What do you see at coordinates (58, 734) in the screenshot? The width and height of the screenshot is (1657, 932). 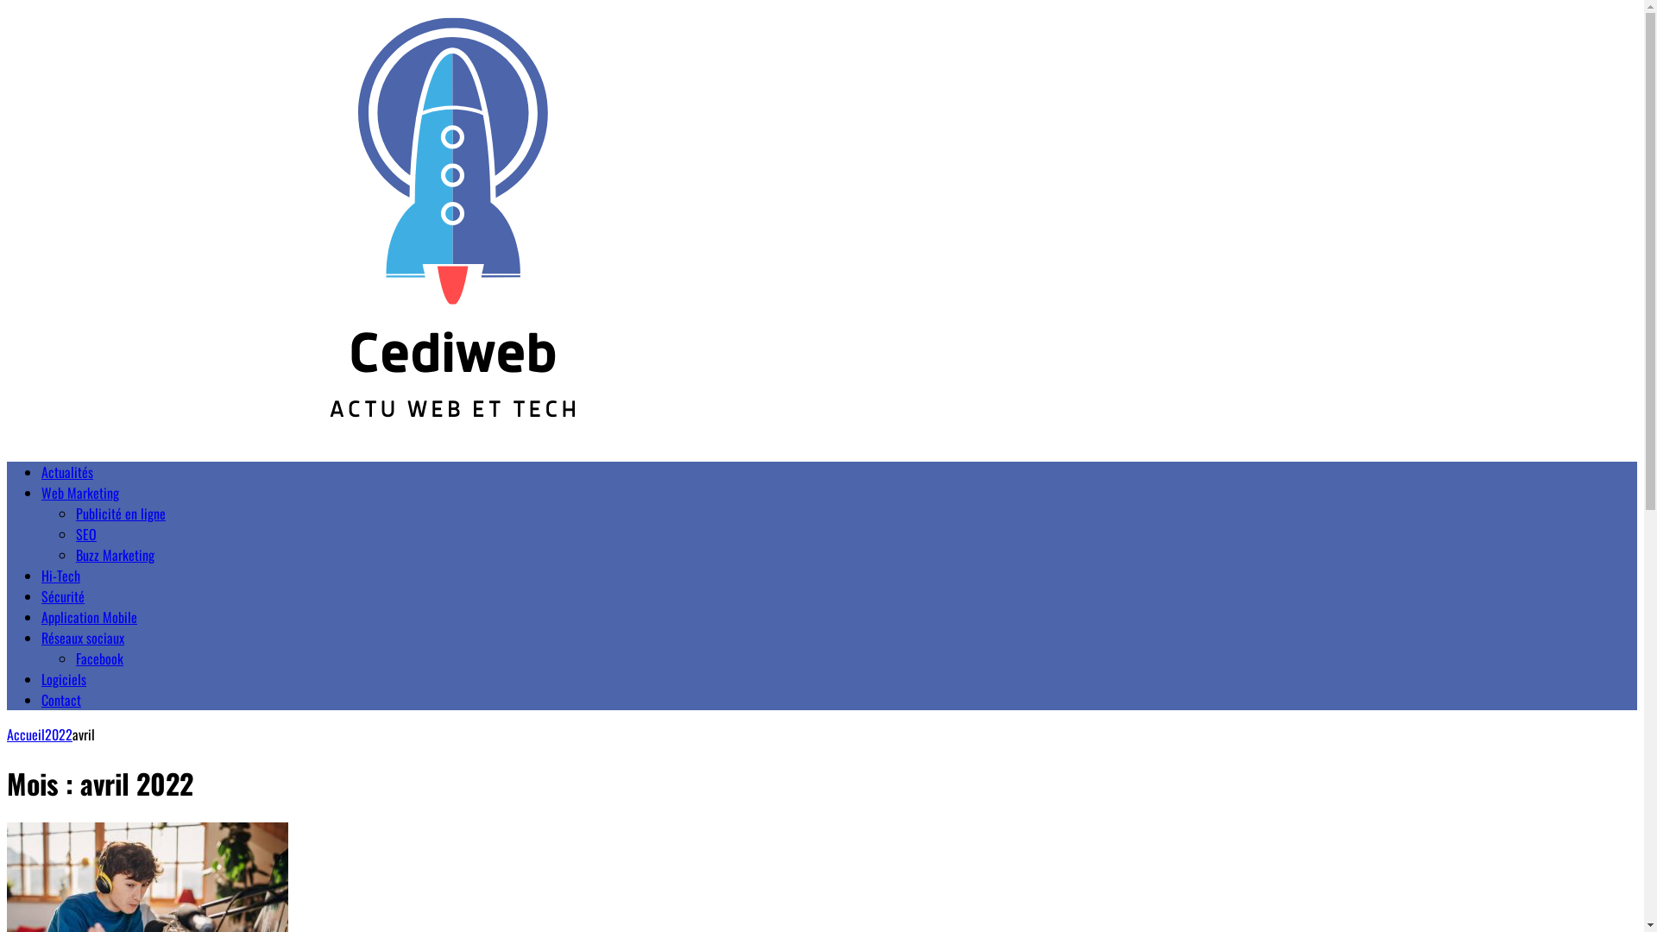 I see `'2022'` at bounding box center [58, 734].